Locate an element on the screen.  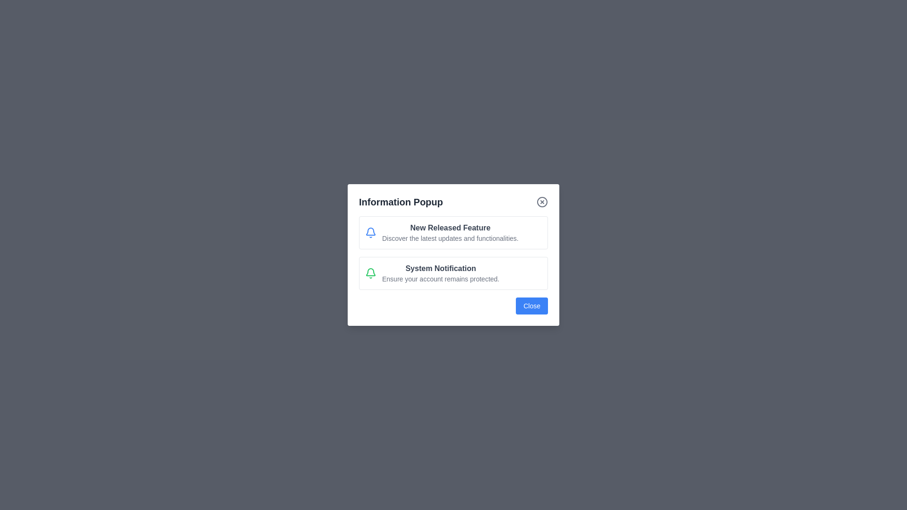
the icon representing the notification item New Released Feature is located at coordinates (370, 233).